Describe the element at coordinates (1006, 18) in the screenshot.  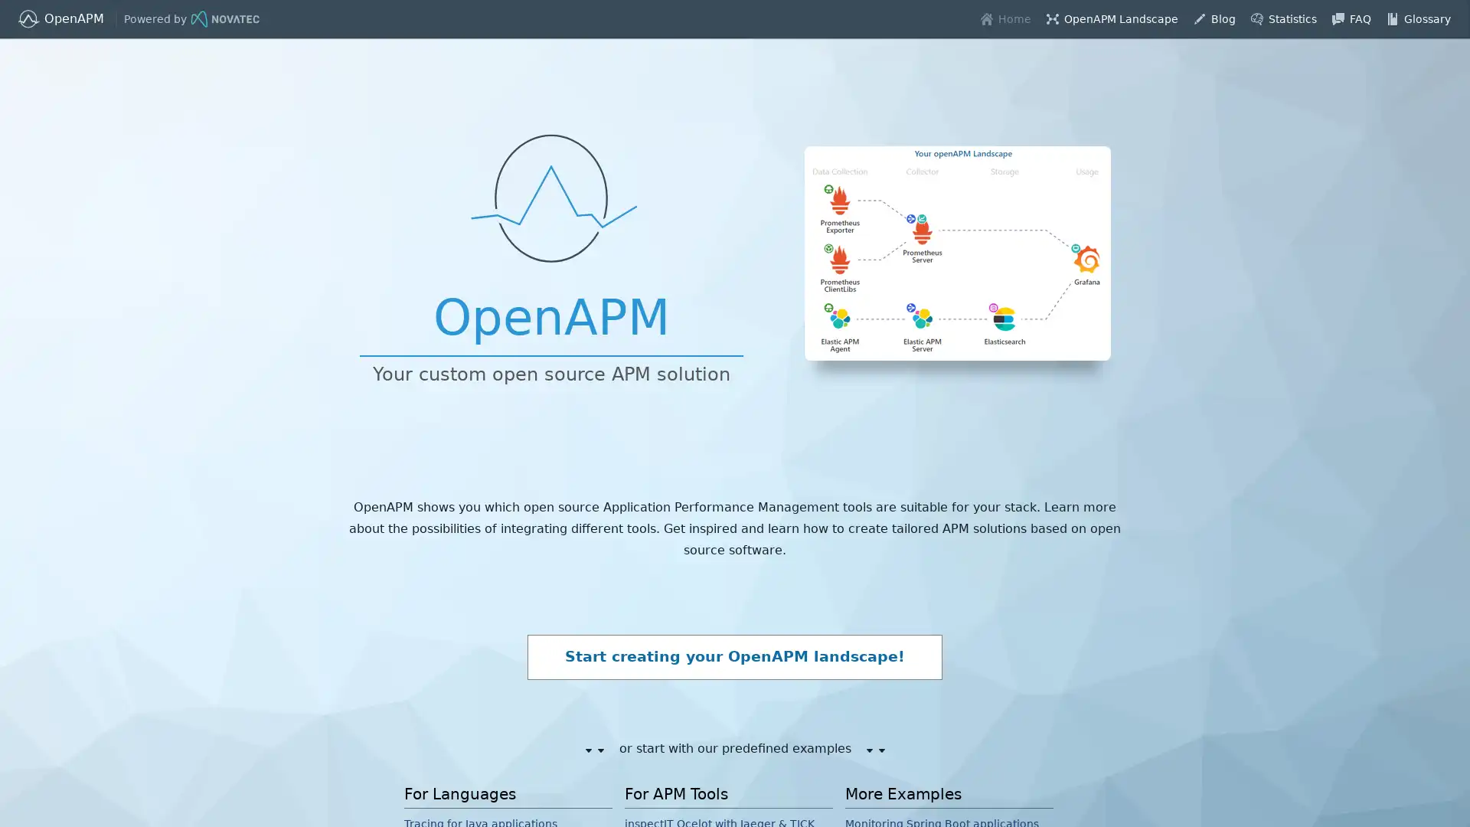
I see `home Home` at that location.